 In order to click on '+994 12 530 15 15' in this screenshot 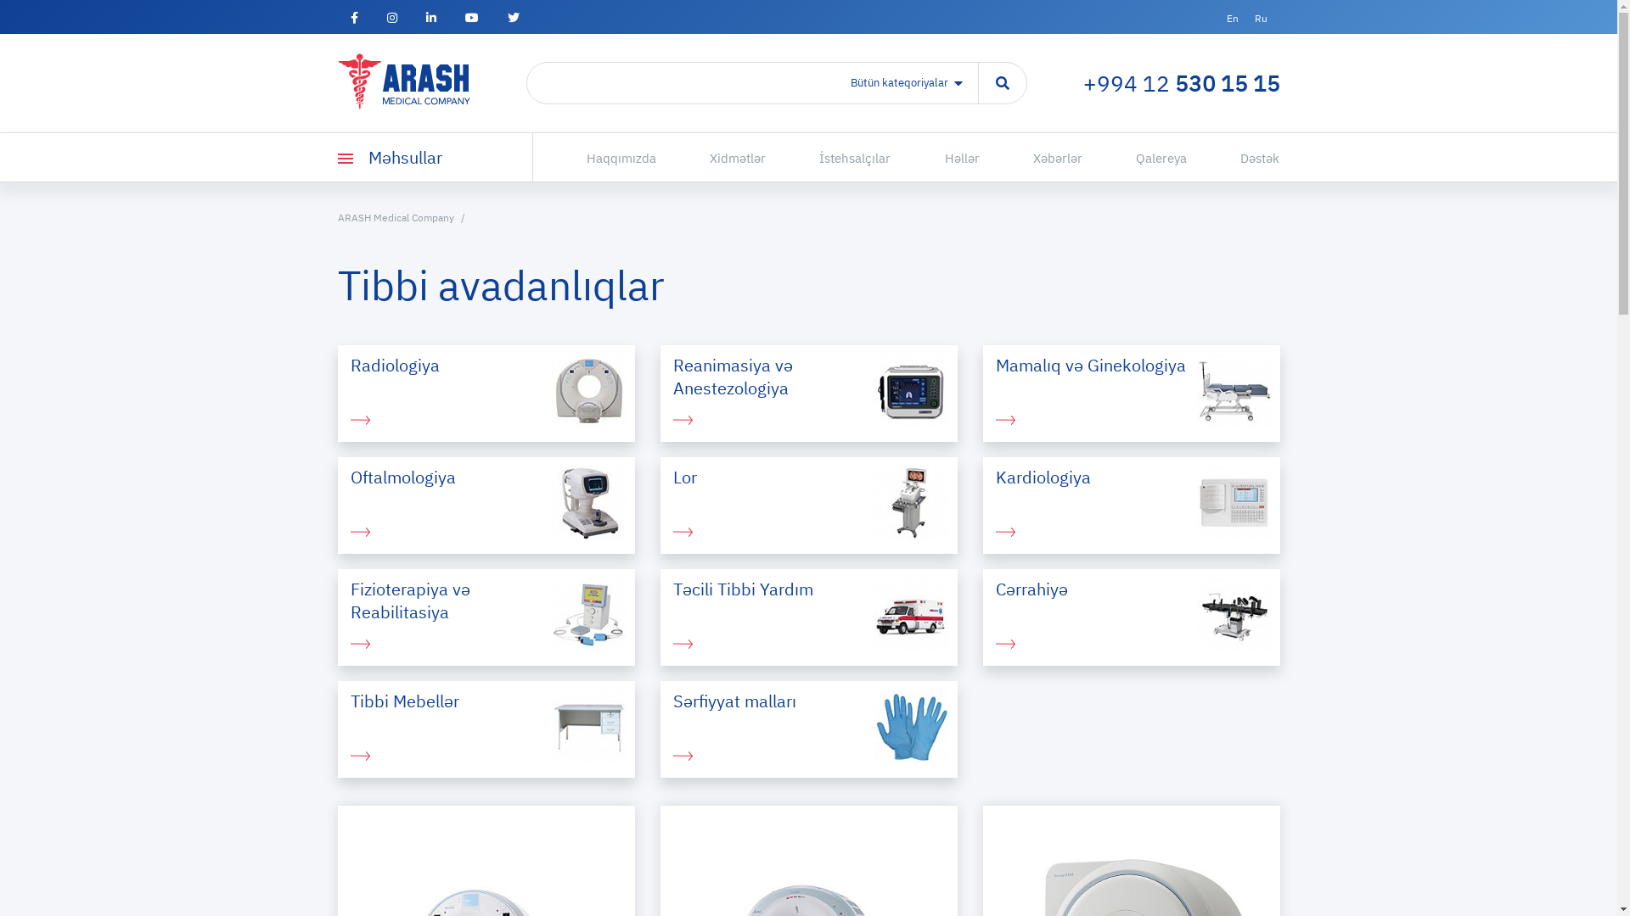, I will do `click(1181, 82)`.